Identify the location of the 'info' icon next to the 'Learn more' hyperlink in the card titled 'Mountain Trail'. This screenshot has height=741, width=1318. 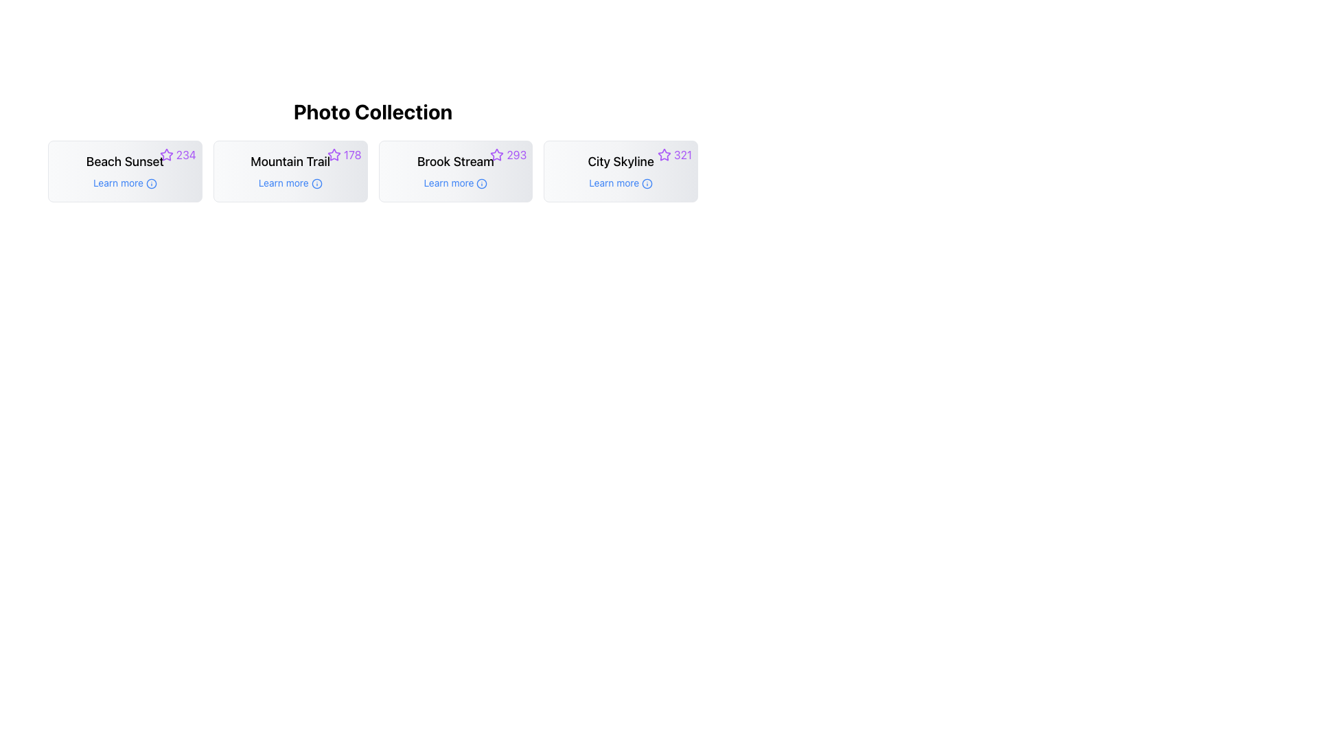
(290, 182).